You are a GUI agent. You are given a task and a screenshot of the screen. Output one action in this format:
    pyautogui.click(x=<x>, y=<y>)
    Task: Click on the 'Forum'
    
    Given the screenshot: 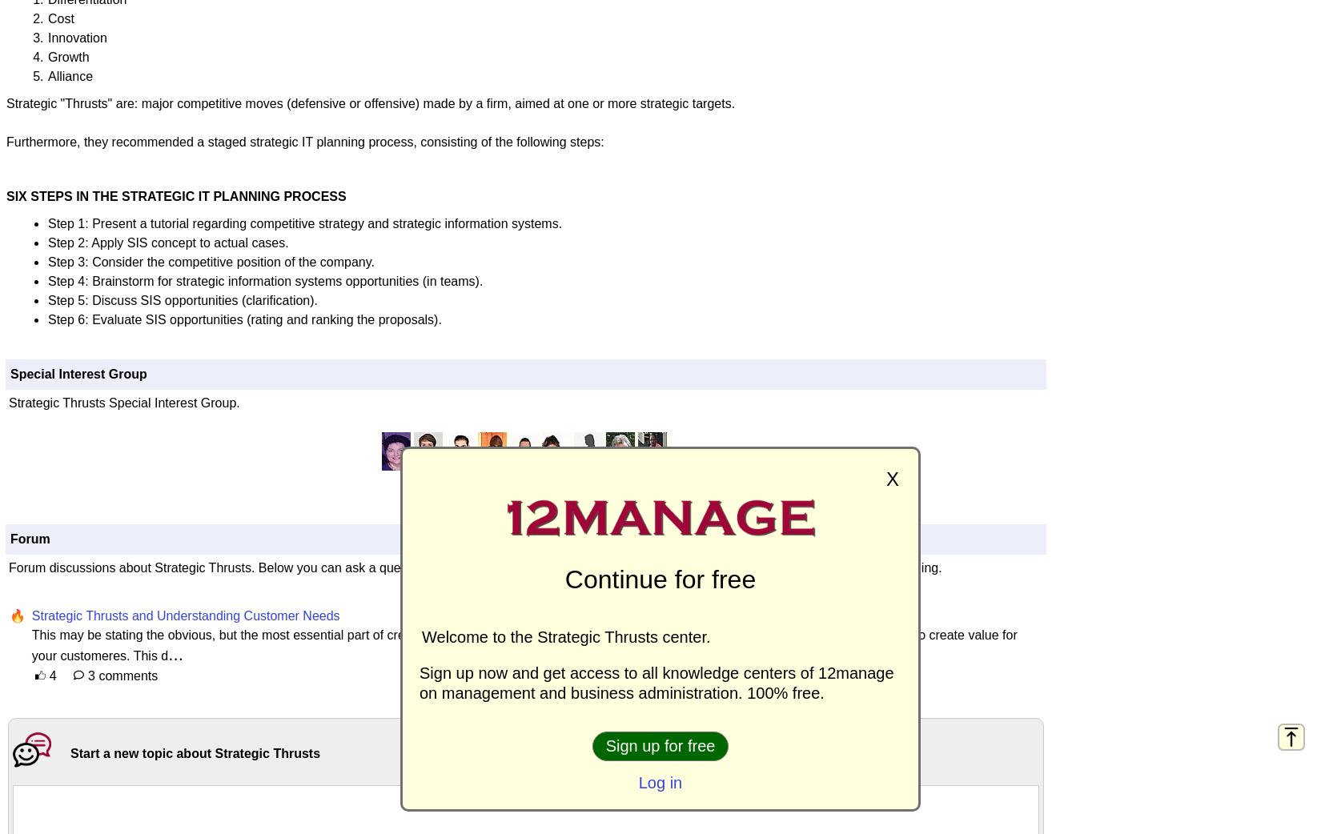 What is the action you would take?
    pyautogui.click(x=30, y=538)
    